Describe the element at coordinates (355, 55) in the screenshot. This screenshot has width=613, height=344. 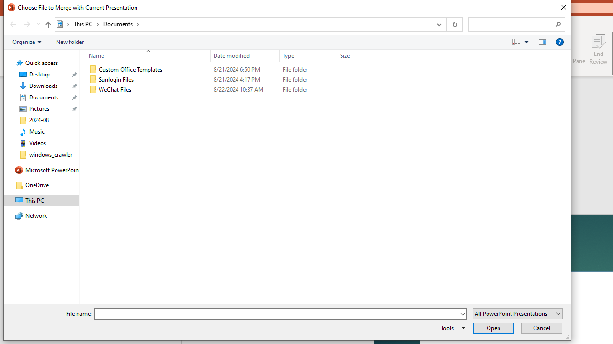
I see `'Size'` at that location.